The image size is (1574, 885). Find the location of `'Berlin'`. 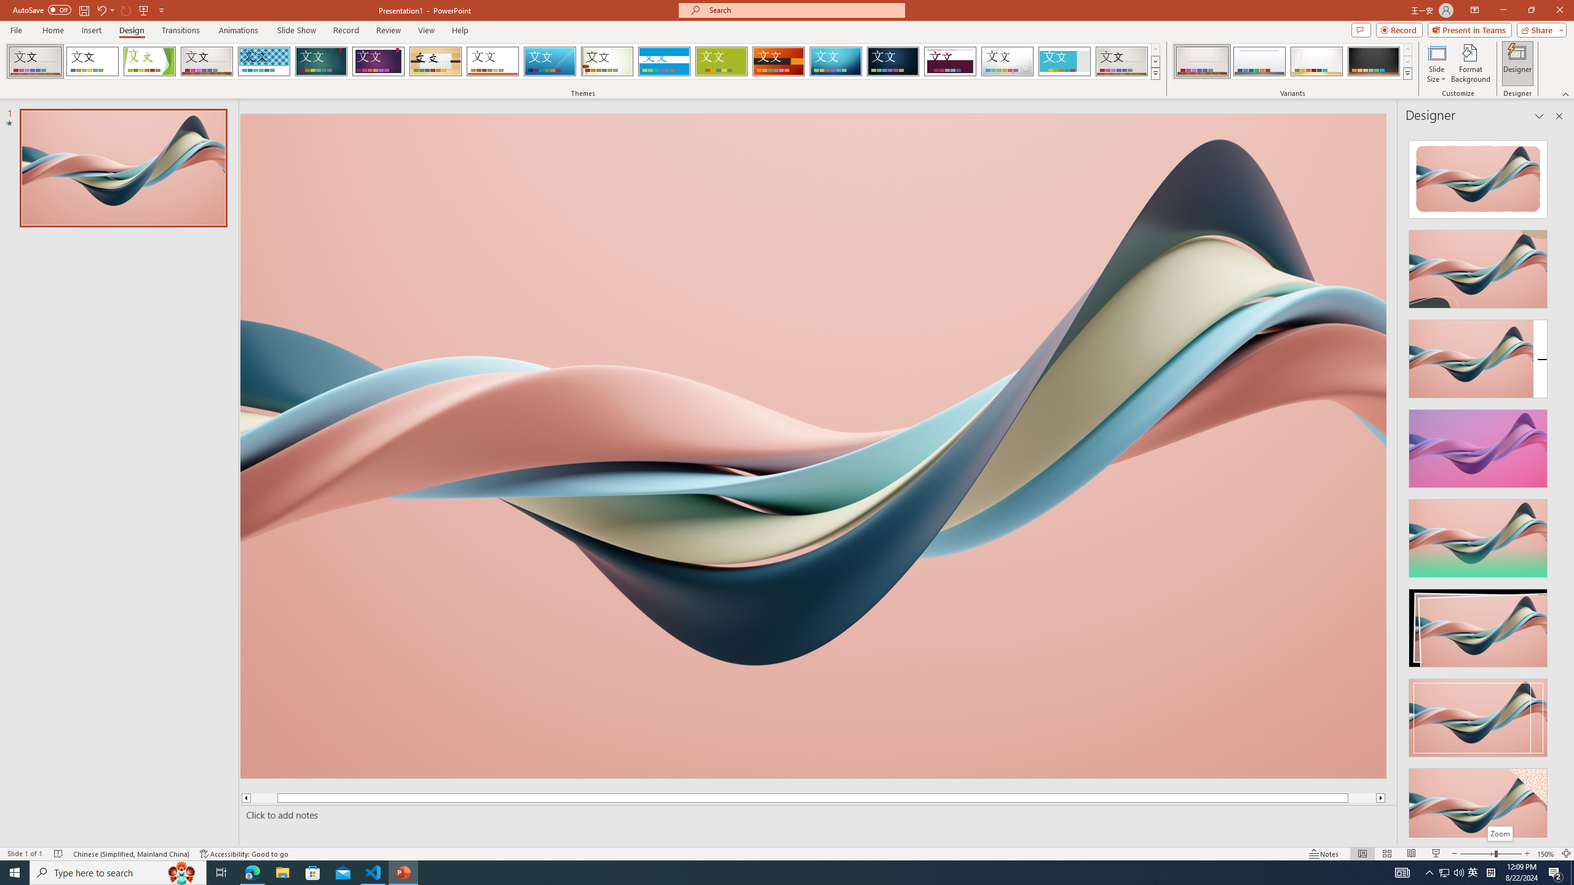

'Berlin' is located at coordinates (779, 61).